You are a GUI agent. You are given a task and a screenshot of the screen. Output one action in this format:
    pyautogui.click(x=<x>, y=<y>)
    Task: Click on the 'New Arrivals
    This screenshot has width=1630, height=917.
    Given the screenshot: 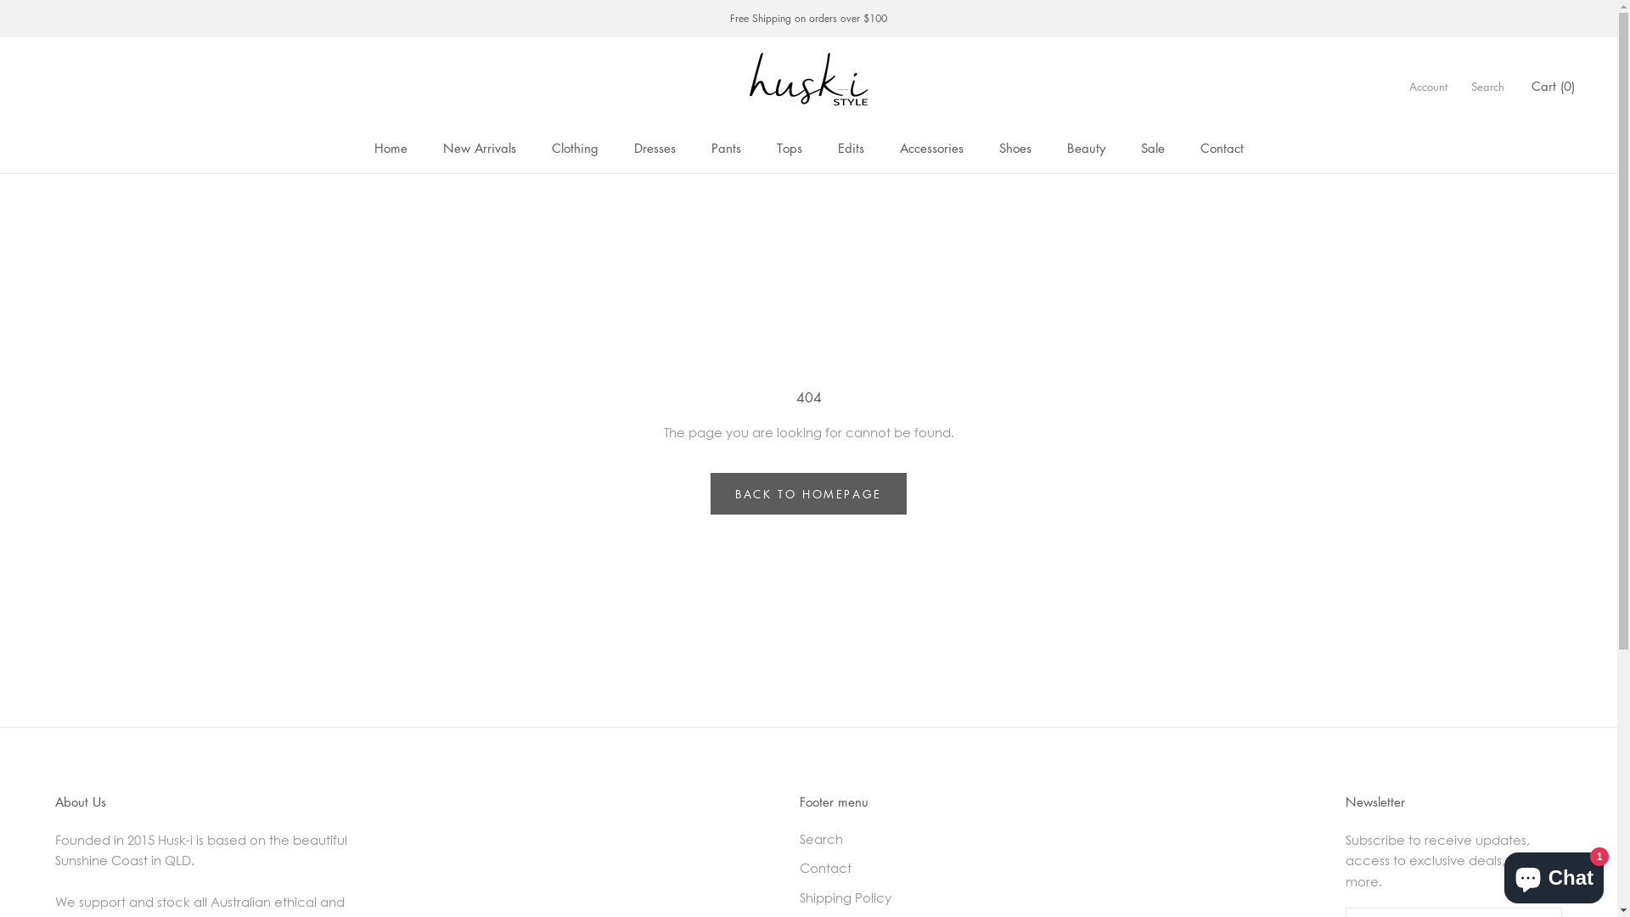 What is the action you would take?
    pyautogui.click(x=479, y=146)
    